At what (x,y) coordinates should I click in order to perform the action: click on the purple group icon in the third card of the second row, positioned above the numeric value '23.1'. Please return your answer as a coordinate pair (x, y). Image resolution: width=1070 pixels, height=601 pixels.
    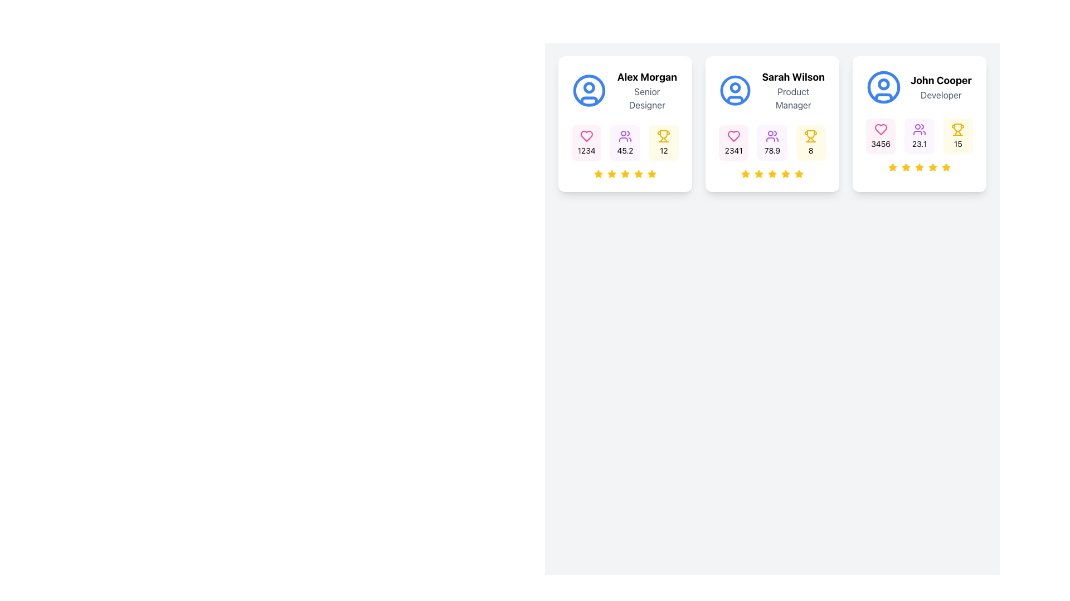
    Looking at the image, I should click on (920, 129).